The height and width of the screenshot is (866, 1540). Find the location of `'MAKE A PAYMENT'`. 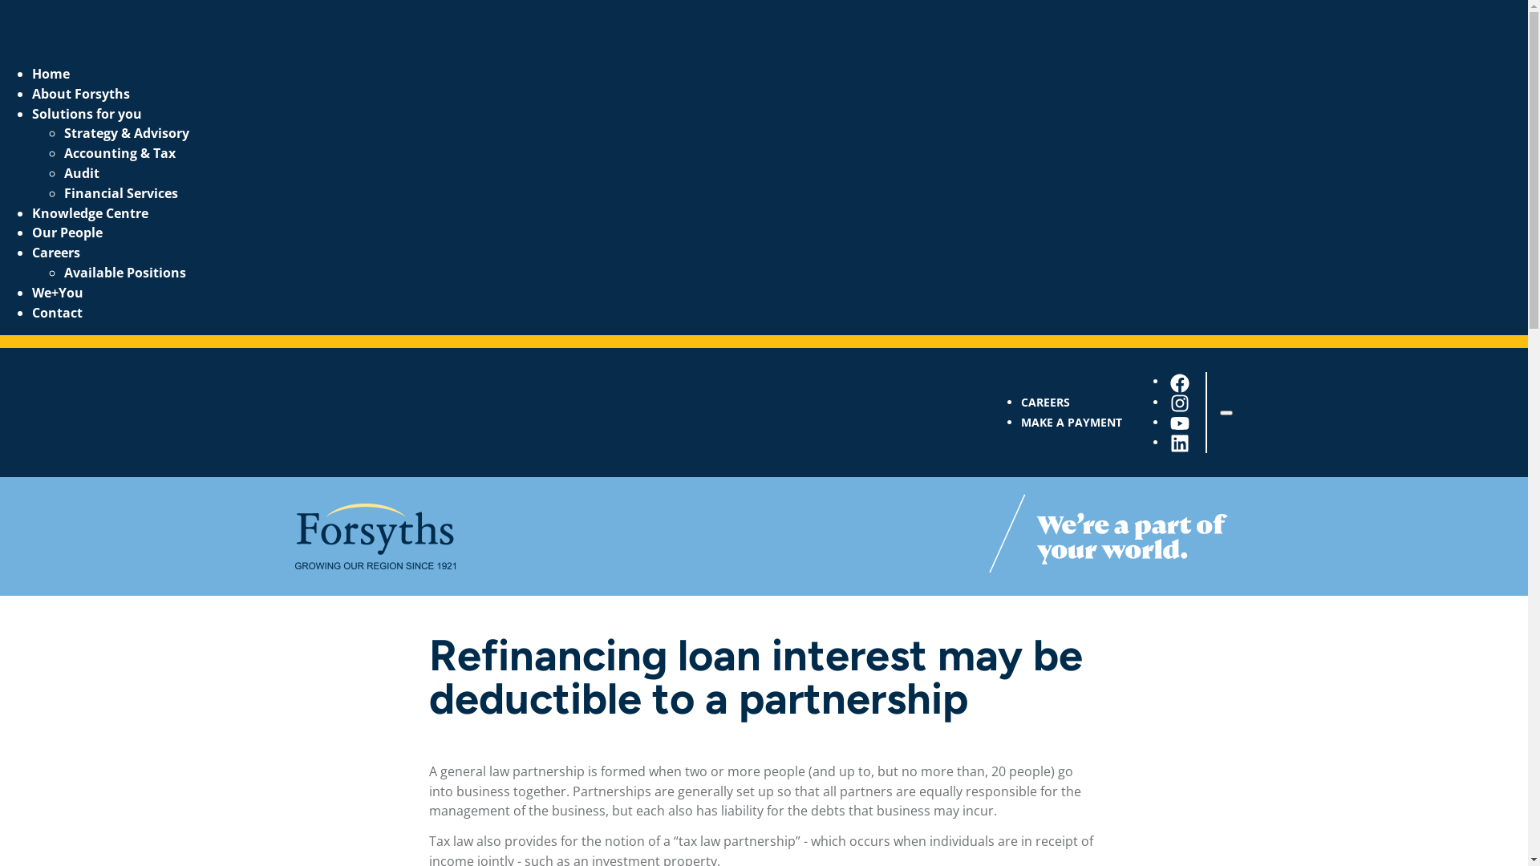

'MAKE A PAYMENT' is located at coordinates (1070, 421).